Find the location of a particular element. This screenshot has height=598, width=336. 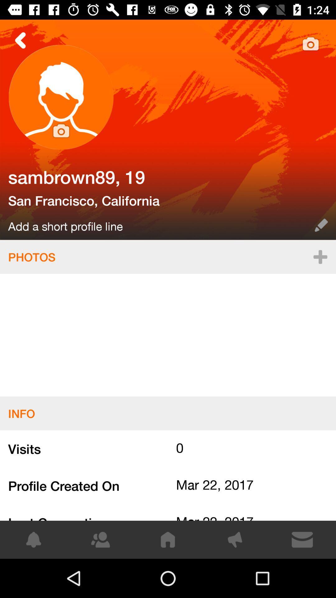

go back is located at coordinates (20, 40).